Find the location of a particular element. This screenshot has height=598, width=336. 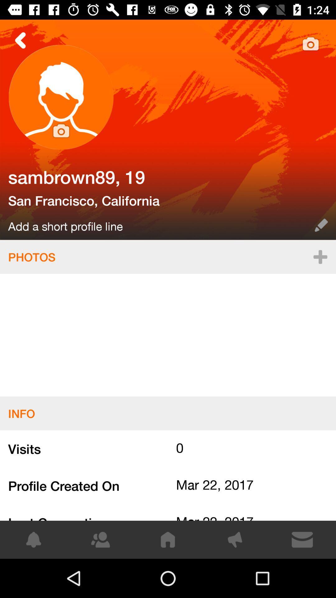

go back is located at coordinates (20, 40).